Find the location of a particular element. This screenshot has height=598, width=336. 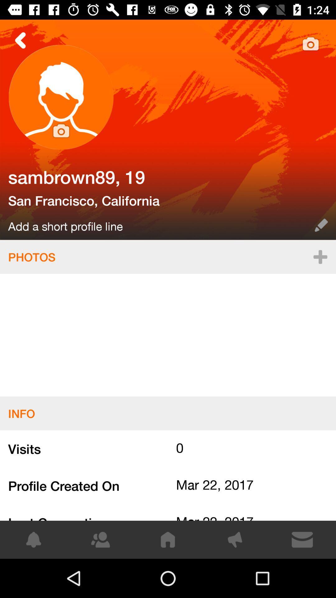

go back is located at coordinates (20, 40).